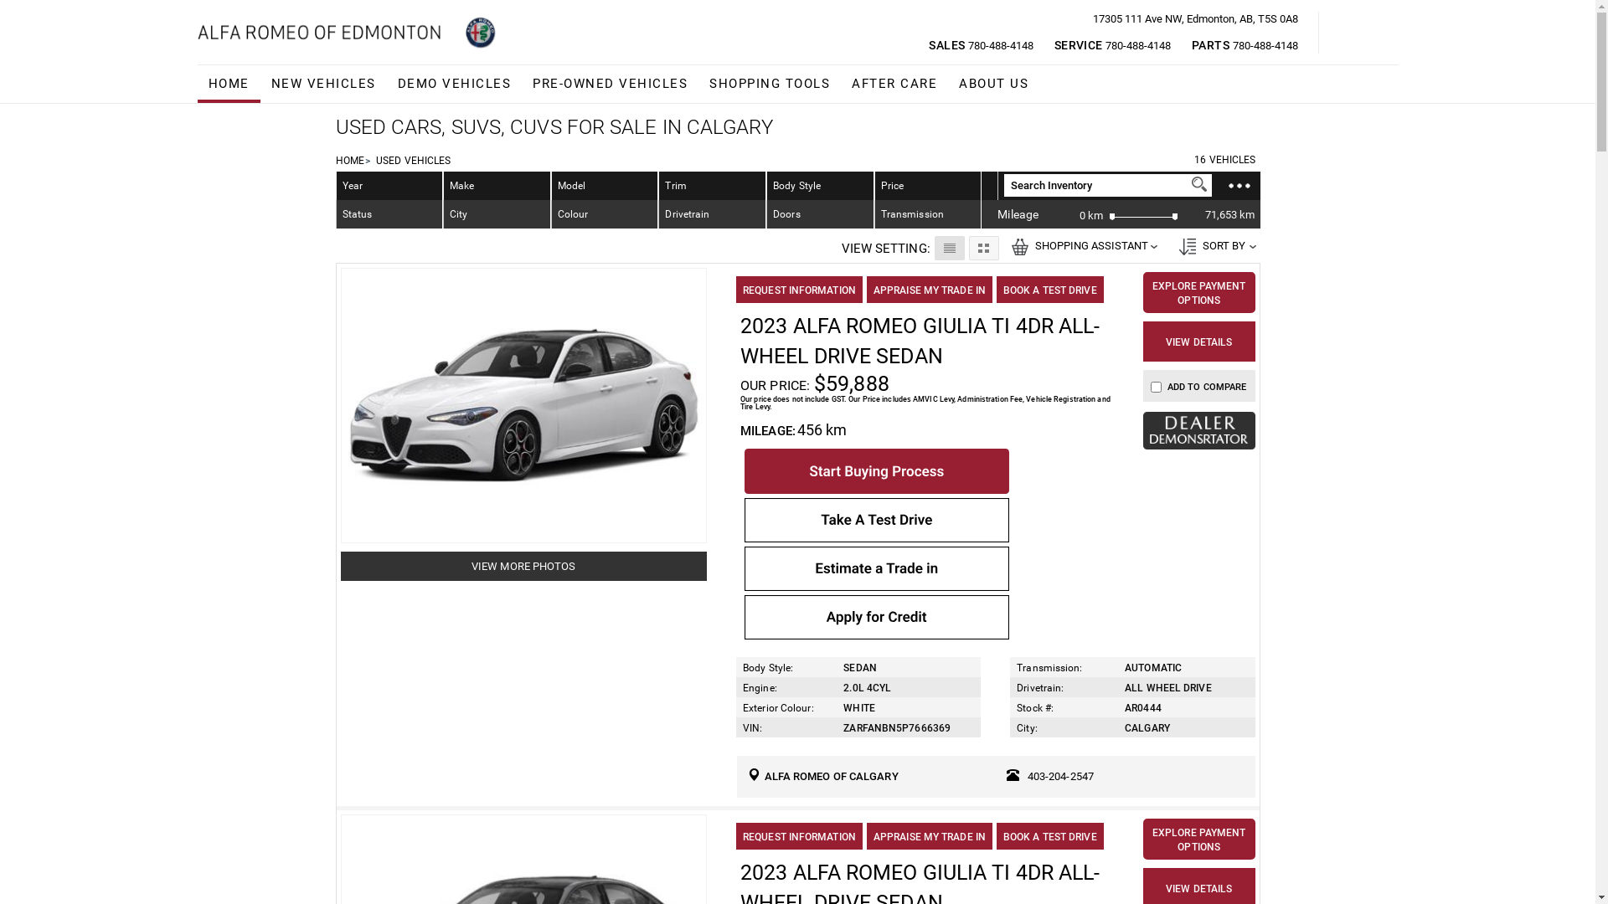 The width and height of the screenshot is (1608, 904). Describe the element at coordinates (891, 186) in the screenshot. I see `'Price'` at that location.